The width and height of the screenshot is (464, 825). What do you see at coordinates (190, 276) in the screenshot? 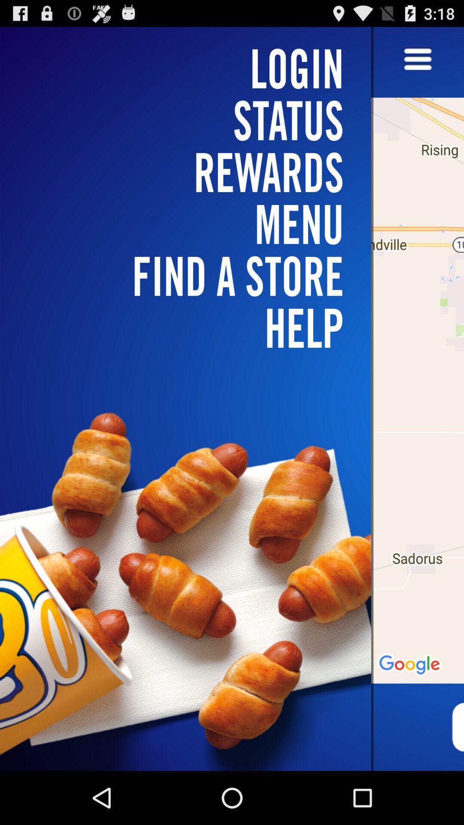
I see `the item below the rewards icon` at bounding box center [190, 276].